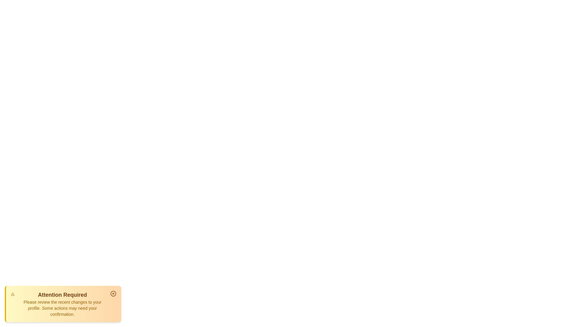  I want to click on the alert icon to interact with it, so click(13, 294).